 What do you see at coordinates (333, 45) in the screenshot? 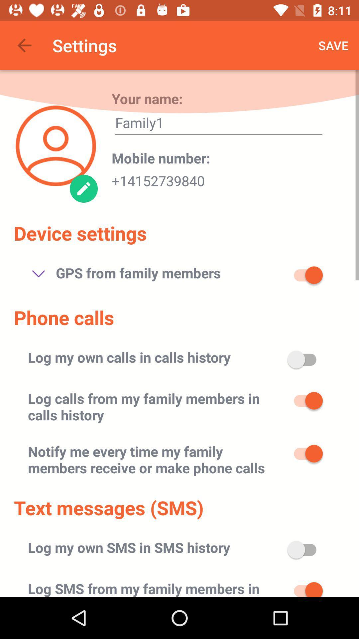
I see `the icon above family1` at bounding box center [333, 45].